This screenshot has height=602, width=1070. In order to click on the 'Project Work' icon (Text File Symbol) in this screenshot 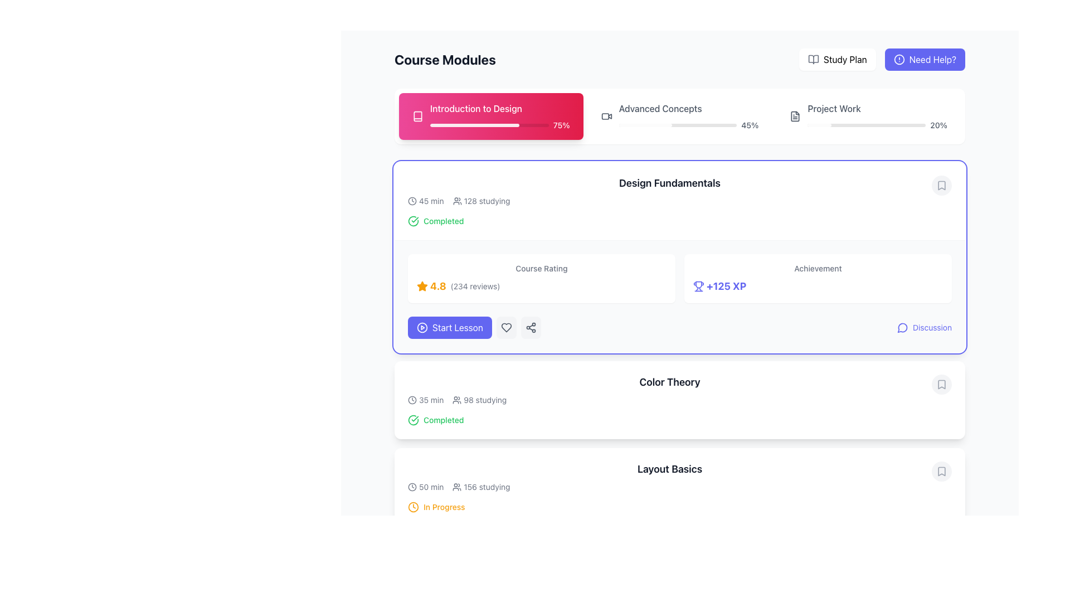, I will do `click(794, 116)`.